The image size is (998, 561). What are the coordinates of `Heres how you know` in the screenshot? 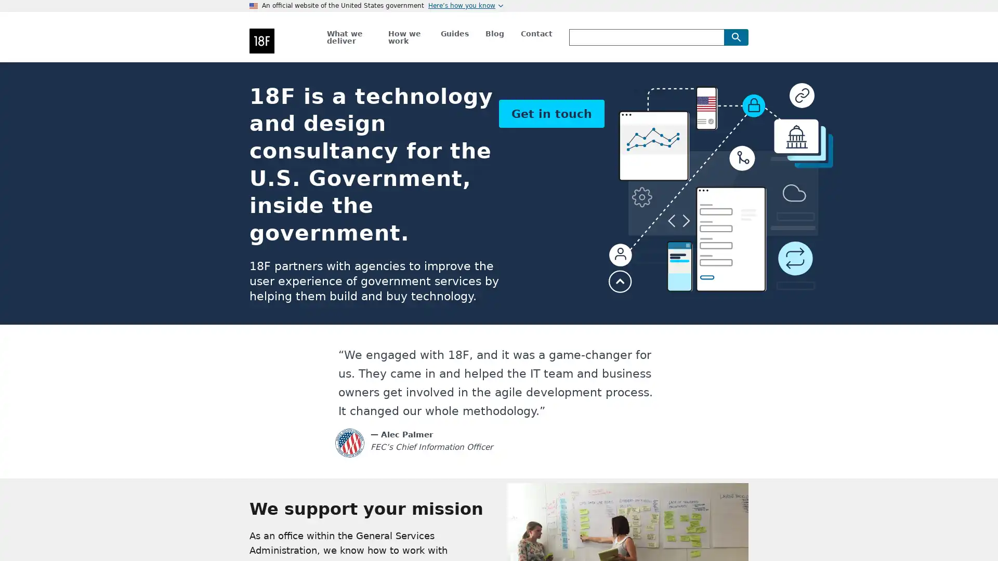 It's located at (465, 6).